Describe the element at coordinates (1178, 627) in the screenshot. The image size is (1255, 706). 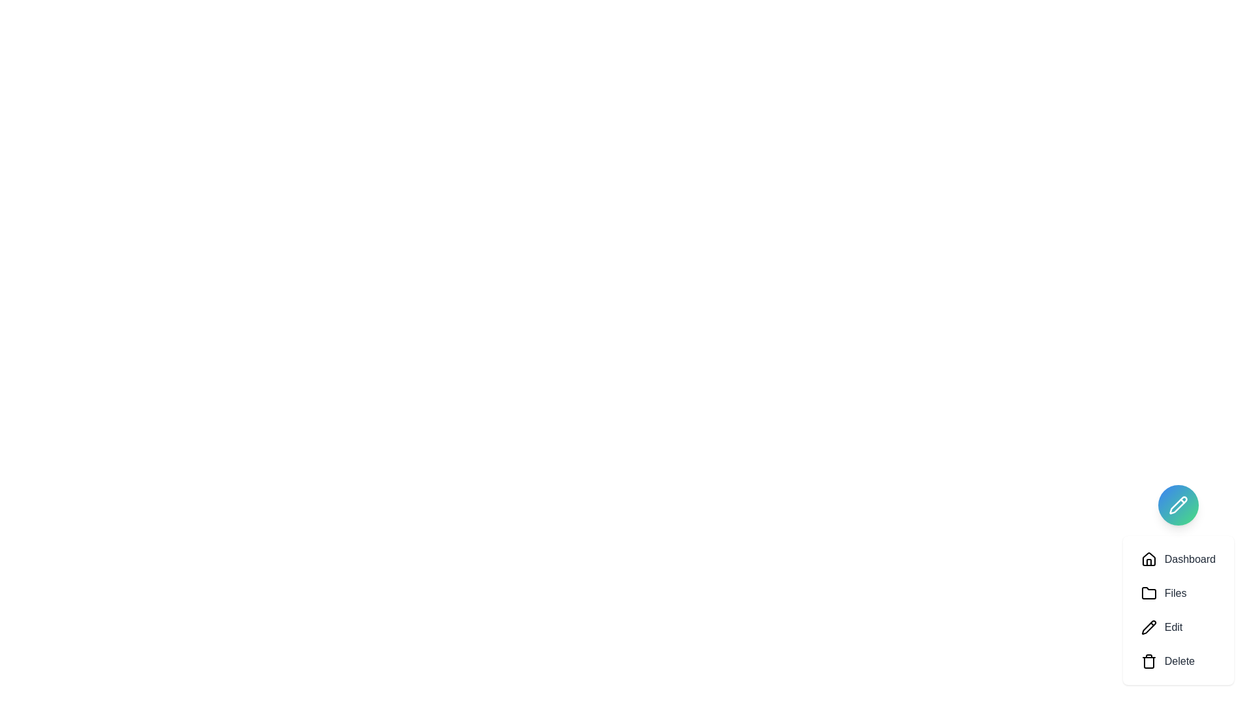
I see `the option Edit from the speed dial menu` at that location.